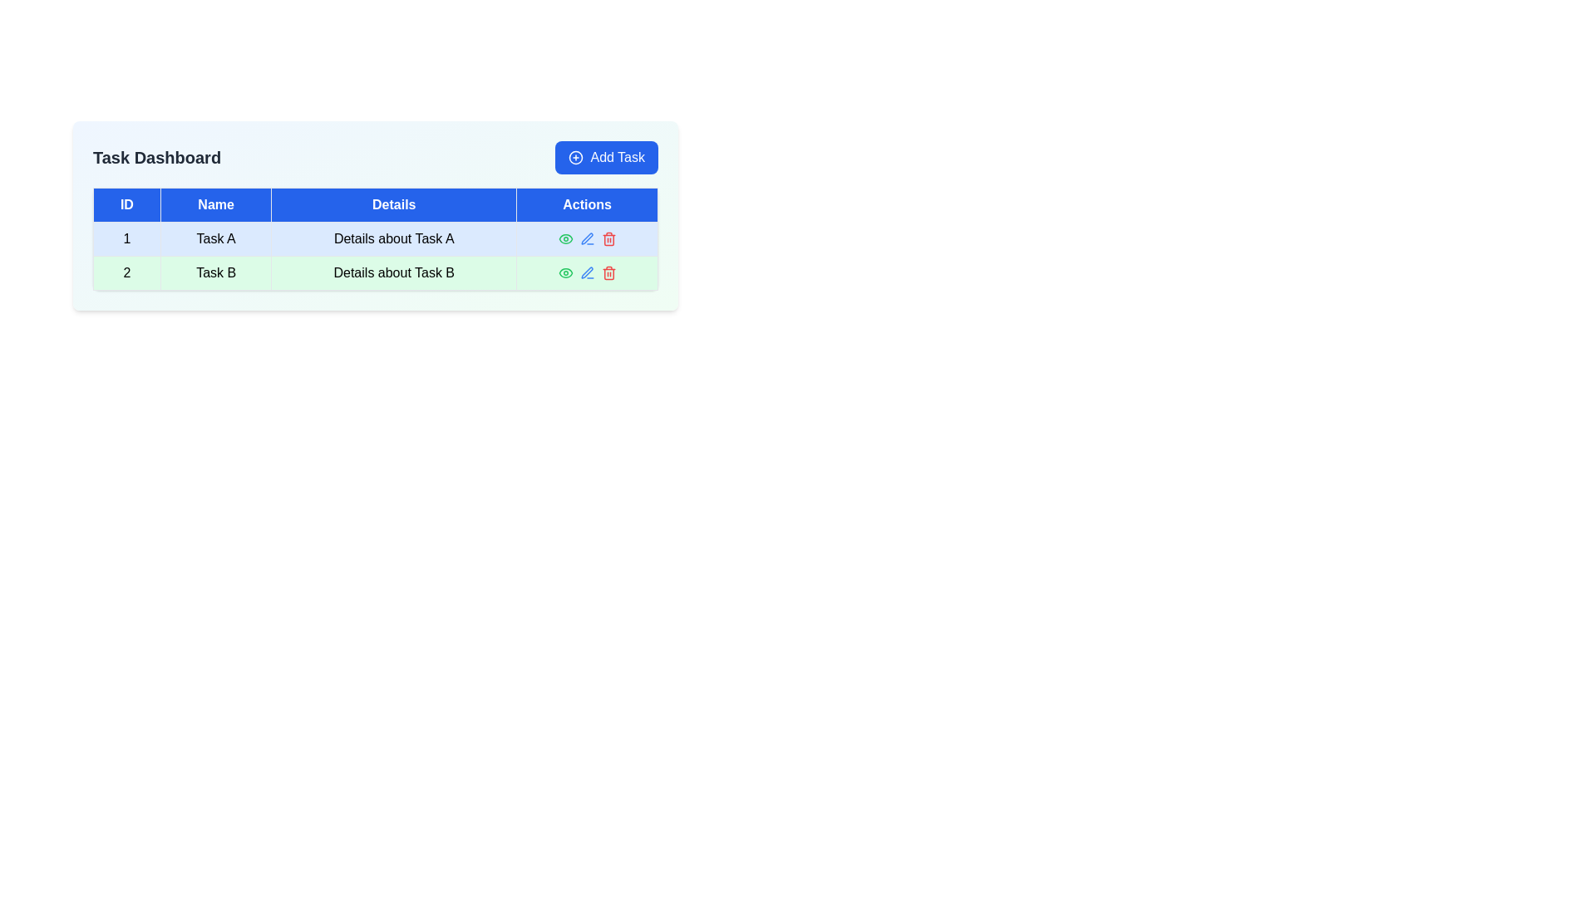  I want to click on the second row of the table containing the number '2', 'Task B', and action icons, so click(374, 272).